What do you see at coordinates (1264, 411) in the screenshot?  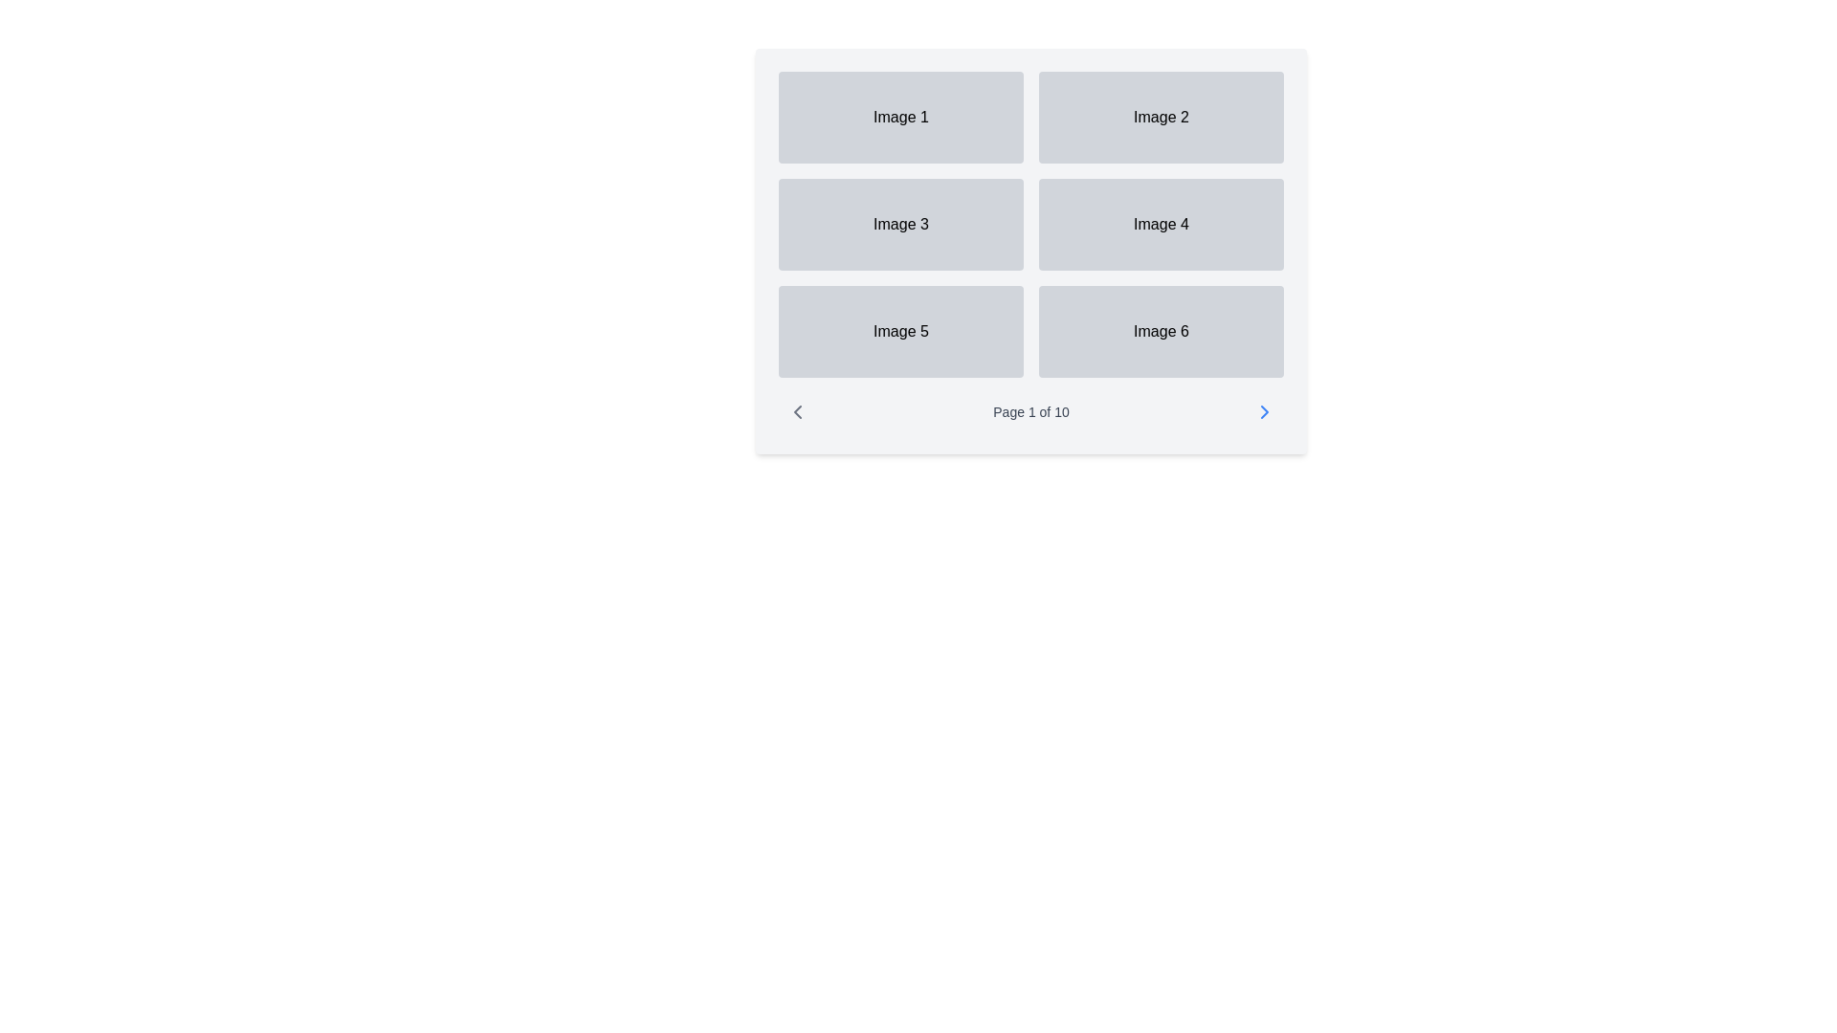 I see `the SVG chevron icon positioned to the right of the 'Page 1 of 10' text` at bounding box center [1264, 411].